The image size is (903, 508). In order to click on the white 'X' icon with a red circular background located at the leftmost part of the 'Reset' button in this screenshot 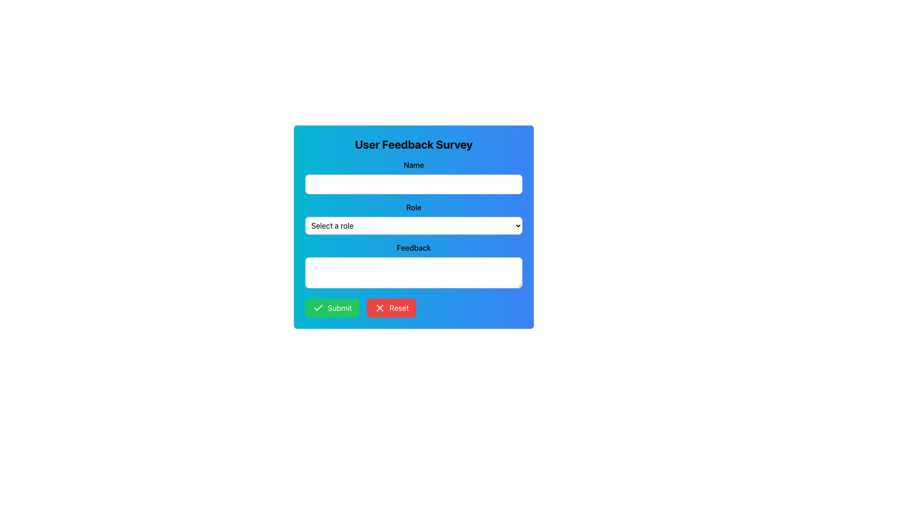, I will do `click(380, 308)`.